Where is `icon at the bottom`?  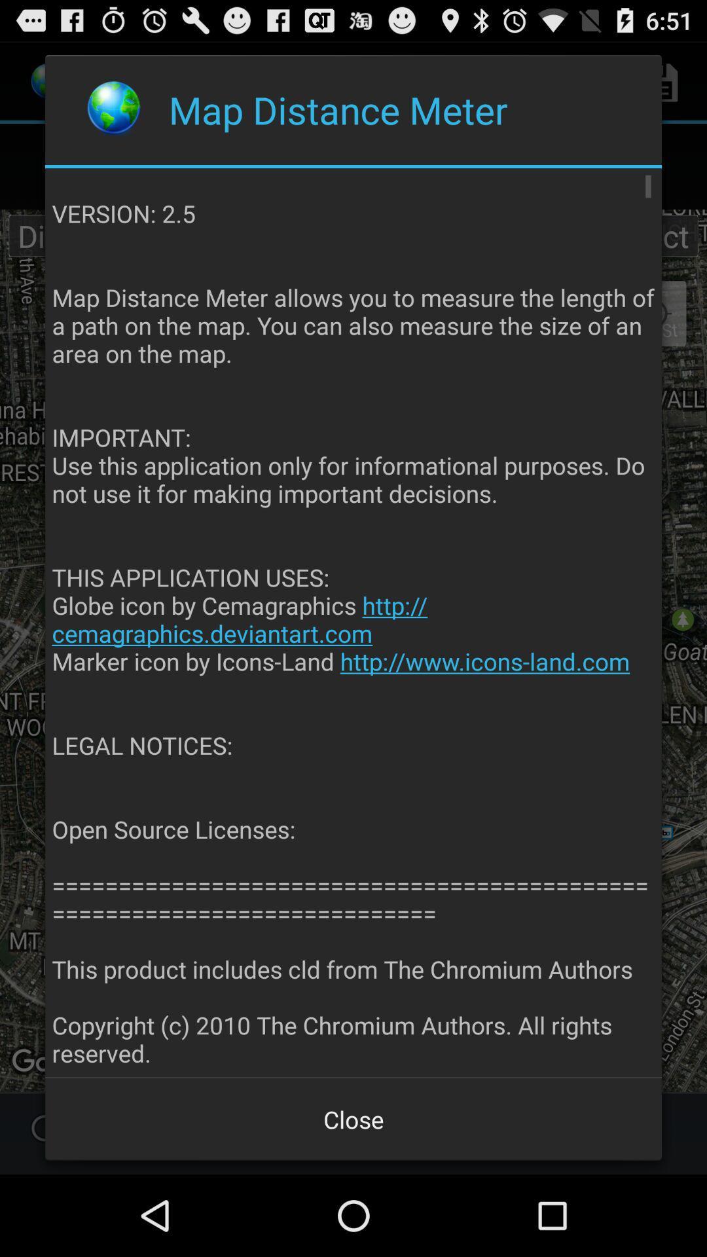
icon at the bottom is located at coordinates (353, 1118).